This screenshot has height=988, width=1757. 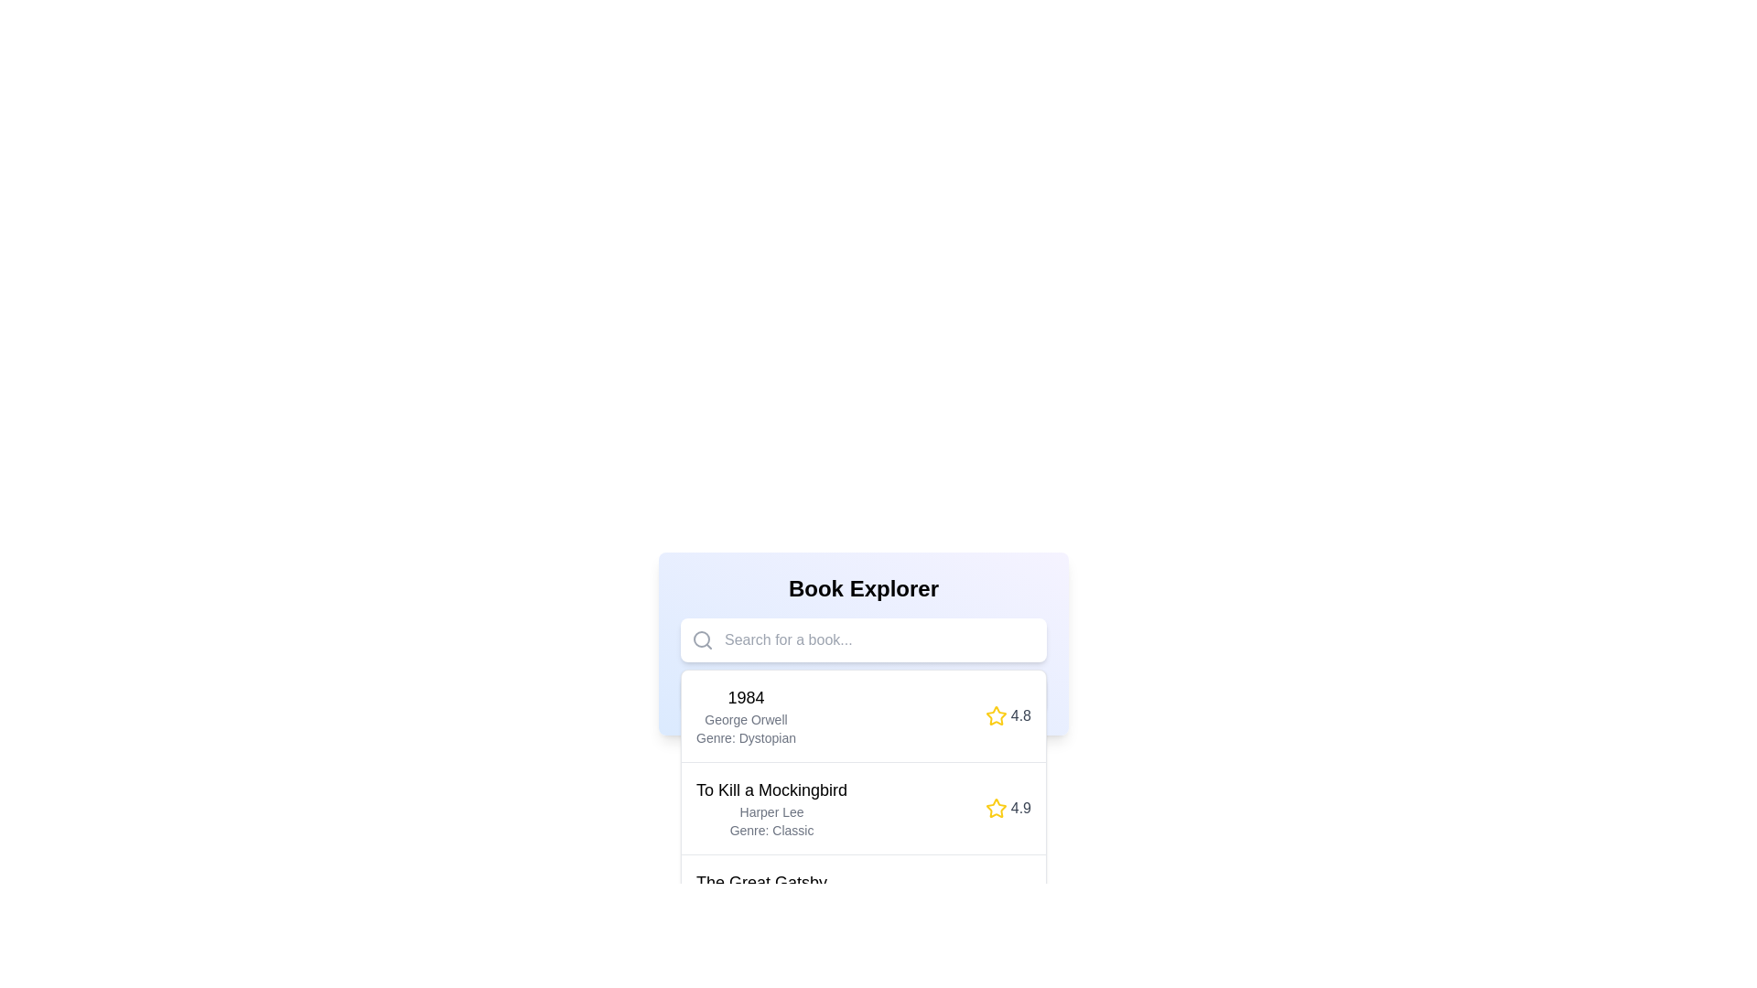 I want to click on the circular centerpiece of the search icon, which is visually adjacent to the left edge of the search input field, so click(x=701, y=638).